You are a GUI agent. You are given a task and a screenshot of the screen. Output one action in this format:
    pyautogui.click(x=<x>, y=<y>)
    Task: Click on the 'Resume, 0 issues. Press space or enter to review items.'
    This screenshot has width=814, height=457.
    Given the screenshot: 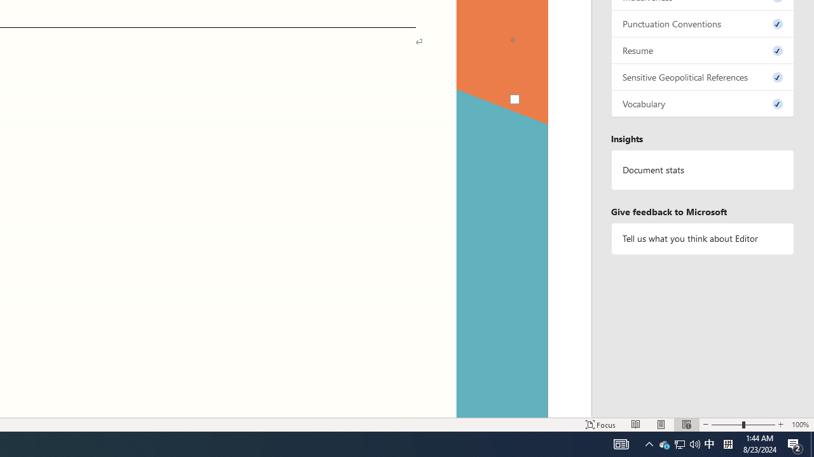 What is the action you would take?
    pyautogui.click(x=702, y=50)
    